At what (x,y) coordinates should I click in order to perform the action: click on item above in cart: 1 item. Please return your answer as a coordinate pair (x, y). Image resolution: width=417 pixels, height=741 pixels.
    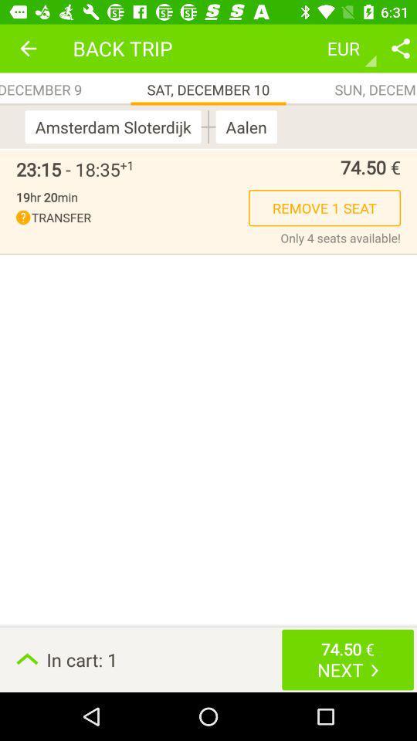
    Looking at the image, I should click on (341, 238).